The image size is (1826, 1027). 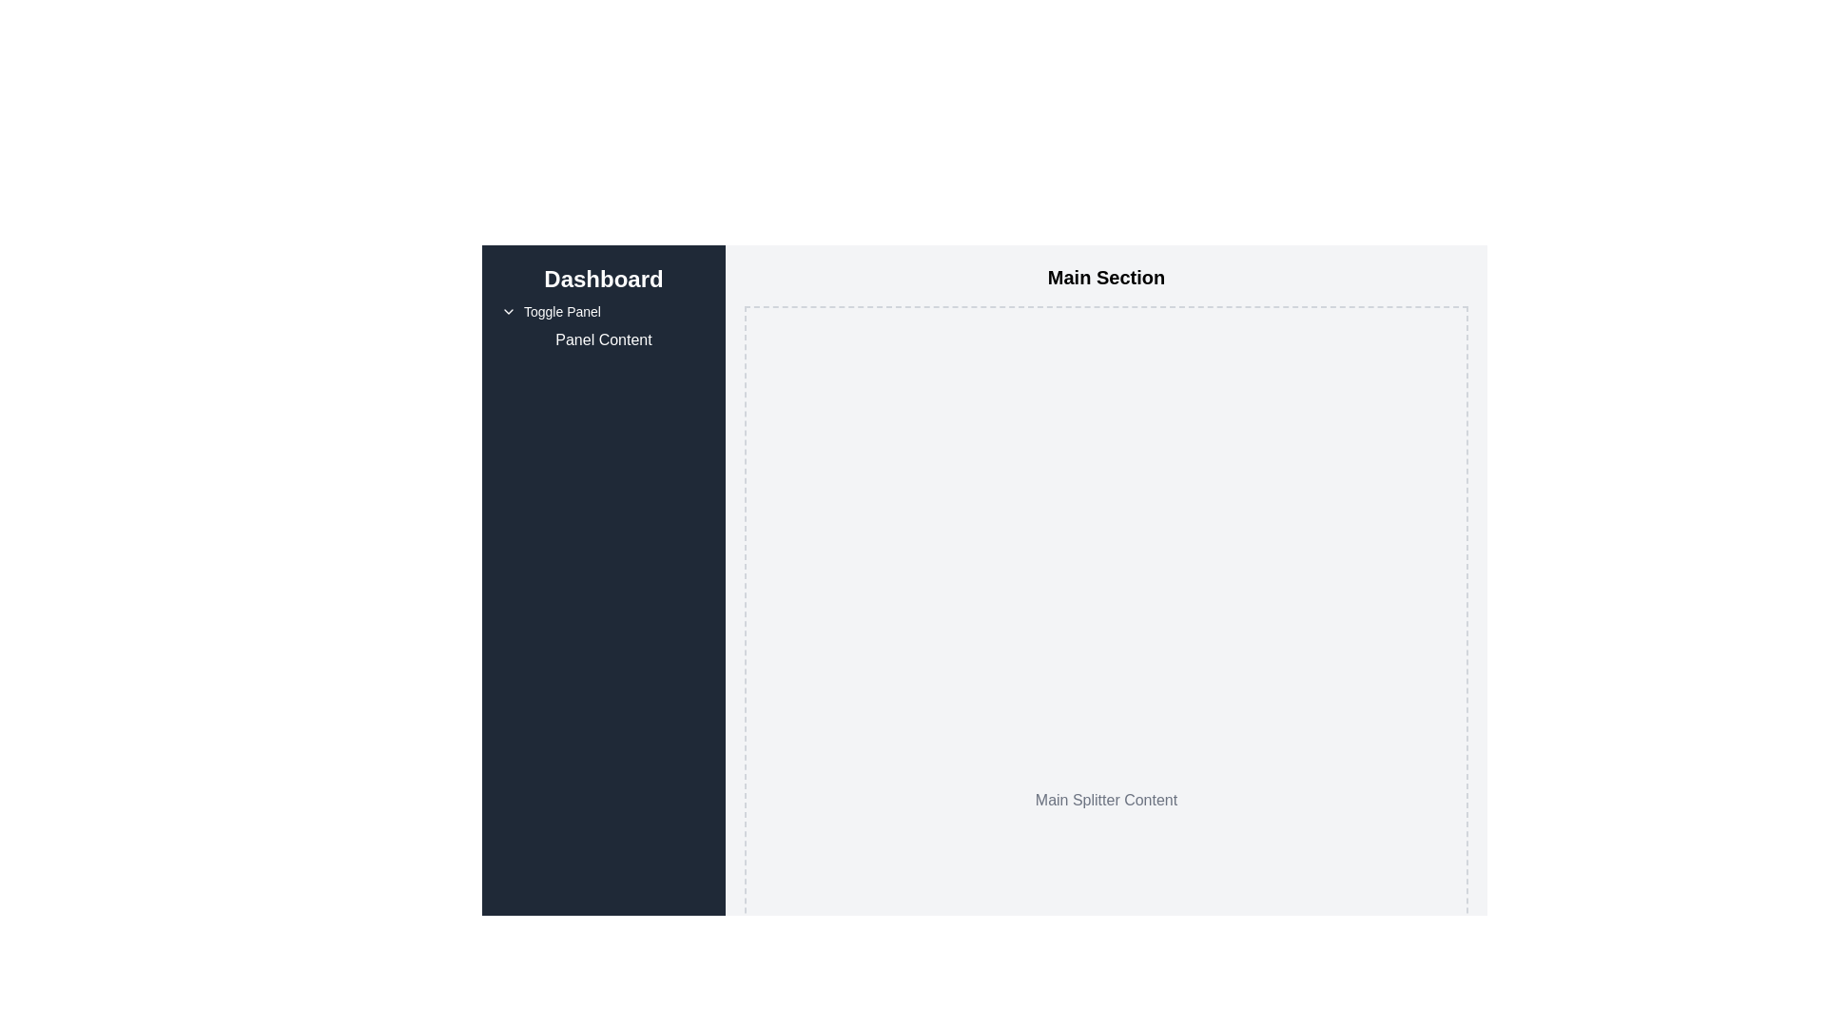 I want to click on the text label reading 'Panel Content', which is styled in white text on a dark blue background and is located below the 'Toggle Panel' text, so click(x=602, y=339).